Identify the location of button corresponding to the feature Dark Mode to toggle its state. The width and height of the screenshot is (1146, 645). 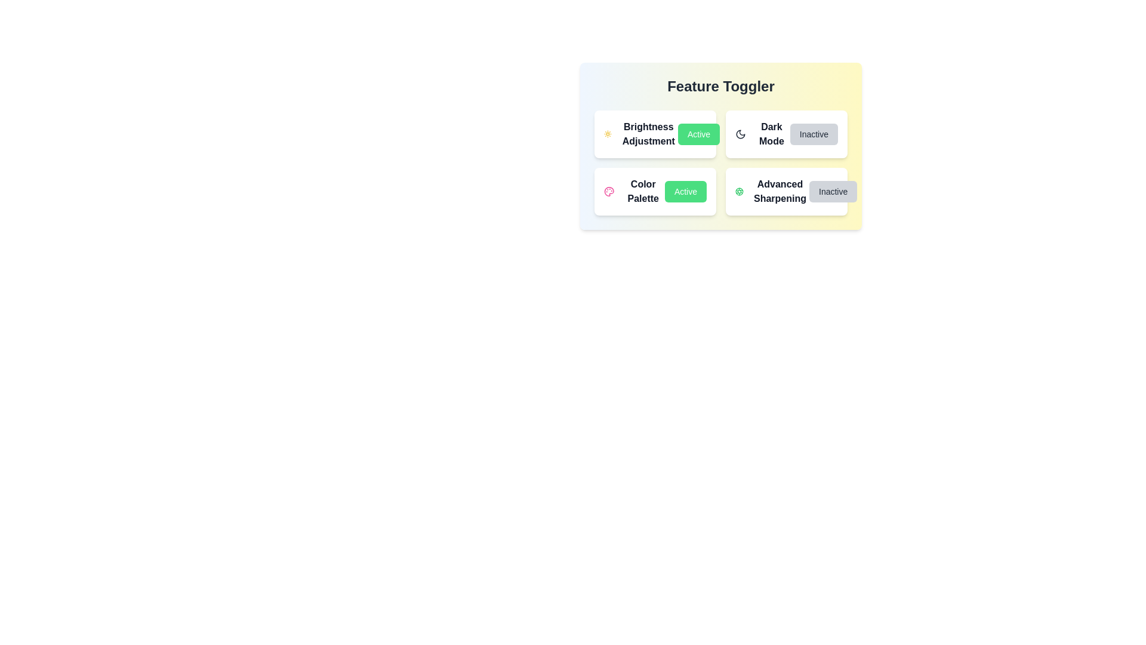
(813, 134).